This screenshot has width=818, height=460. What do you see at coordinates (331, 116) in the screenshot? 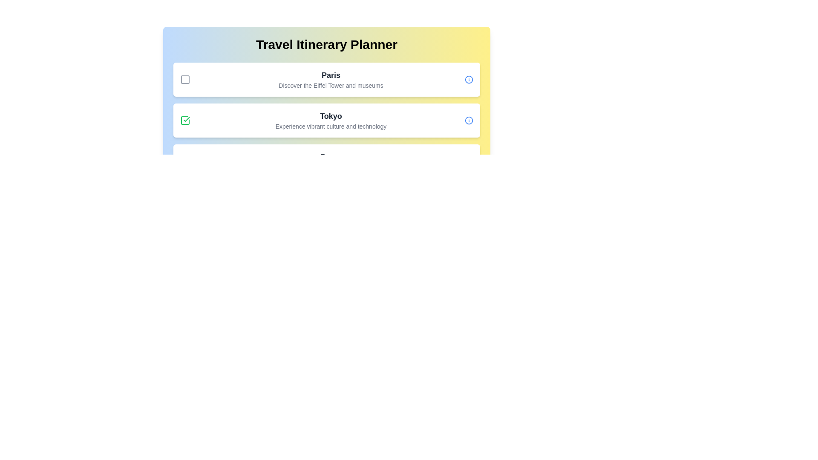
I see `the text label displaying 'Tokyo' from its current position` at bounding box center [331, 116].